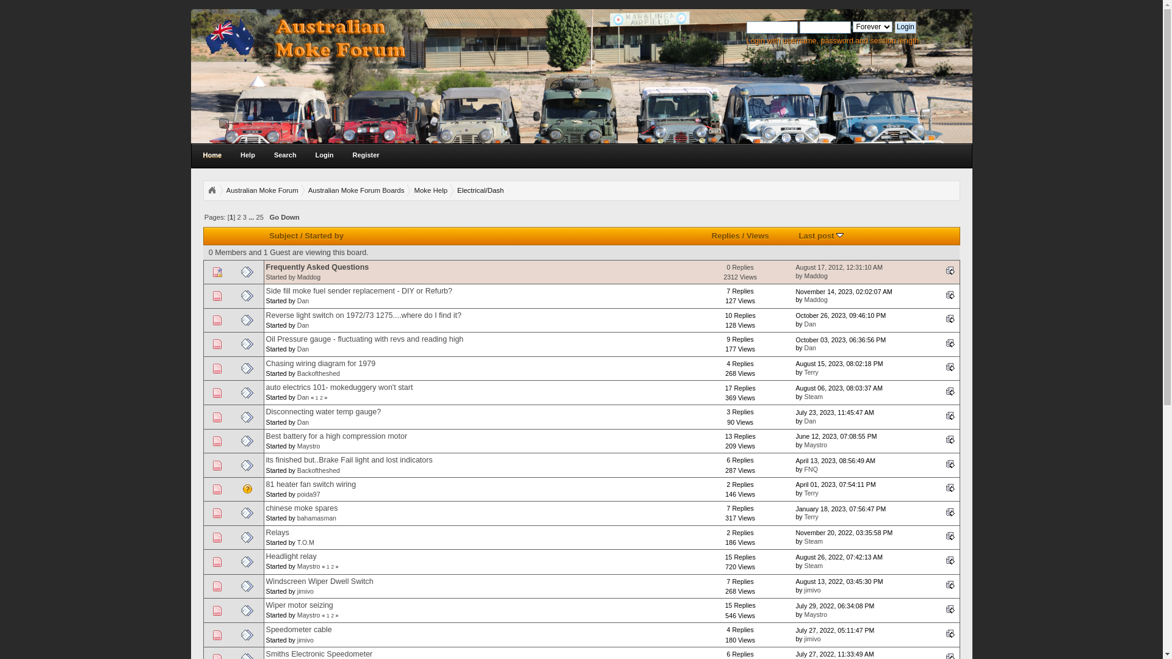 The width and height of the screenshot is (1172, 659). I want to click on 'auto electrics 101- mokeduggery won't start', so click(339, 387).